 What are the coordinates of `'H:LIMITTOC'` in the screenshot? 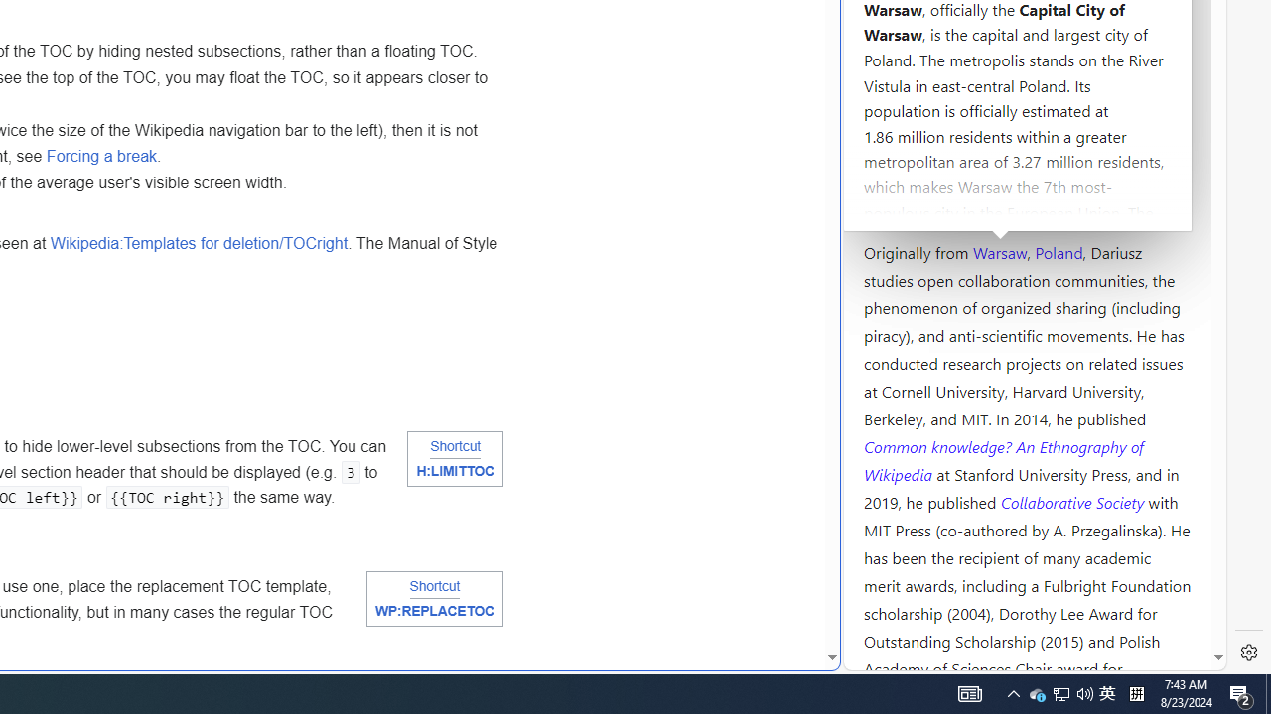 It's located at (454, 471).